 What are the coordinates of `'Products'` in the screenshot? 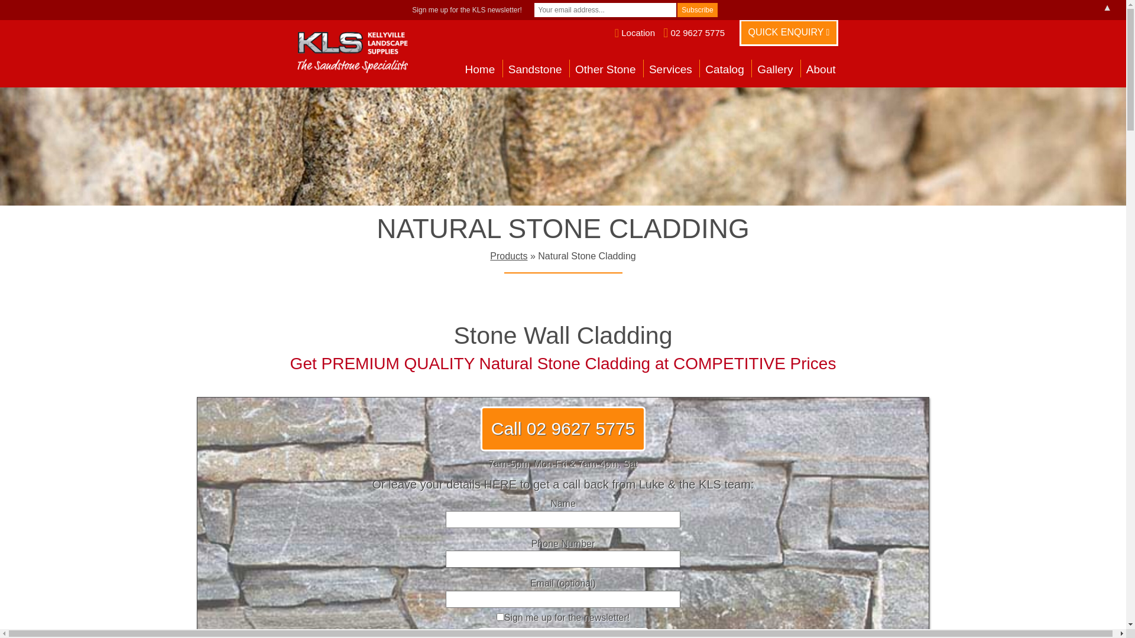 It's located at (508, 255).